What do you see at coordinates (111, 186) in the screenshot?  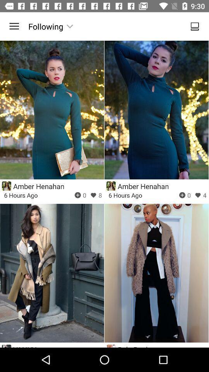 I see `profile` at bounding box center [111, 186].